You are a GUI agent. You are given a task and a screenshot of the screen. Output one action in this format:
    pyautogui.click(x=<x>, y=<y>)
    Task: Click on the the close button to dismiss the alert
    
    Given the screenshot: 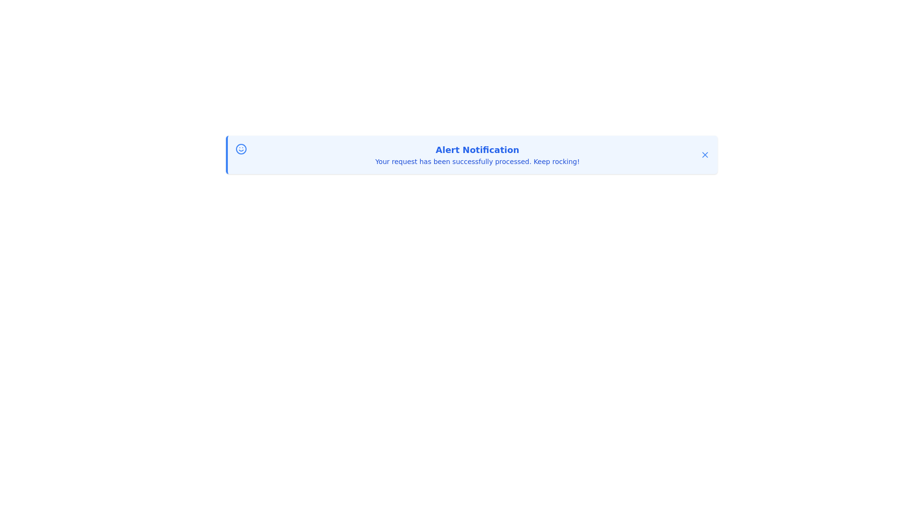 What is the action you would take?
    pyautogui.click(x=705, y=154)
    